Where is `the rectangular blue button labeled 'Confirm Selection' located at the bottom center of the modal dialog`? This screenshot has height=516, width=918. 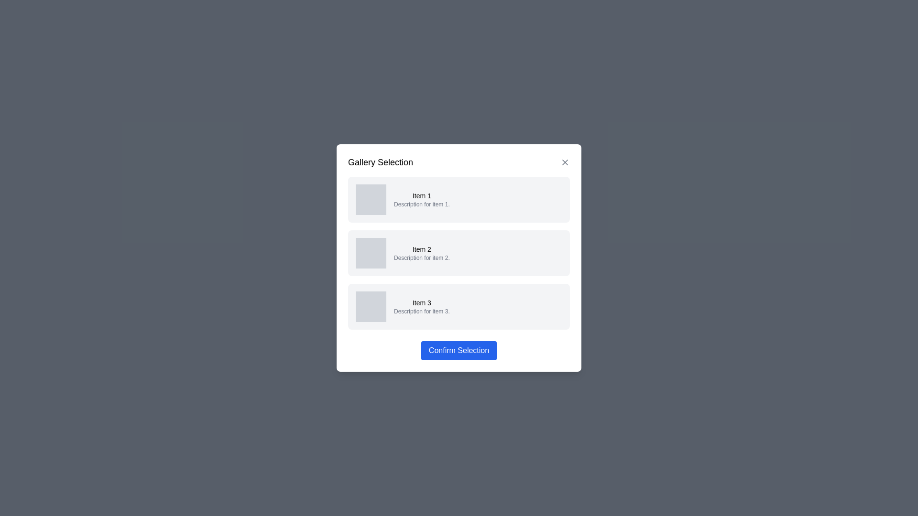 the rectangular blue button labeled 'Confirm Selection' located at the bottom center of the modal dialog is located at coordinates (459, 350).